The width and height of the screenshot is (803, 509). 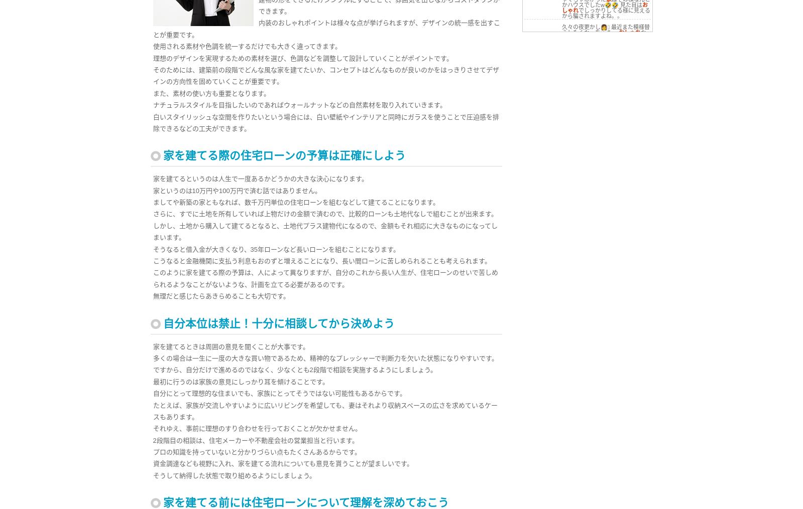 What do you see at coordinates (528, 120) in the screenshot?
I see `'> 家を建てる時に近所への挨拶をどうすれば良いか'` at bounding box center [528, 120].